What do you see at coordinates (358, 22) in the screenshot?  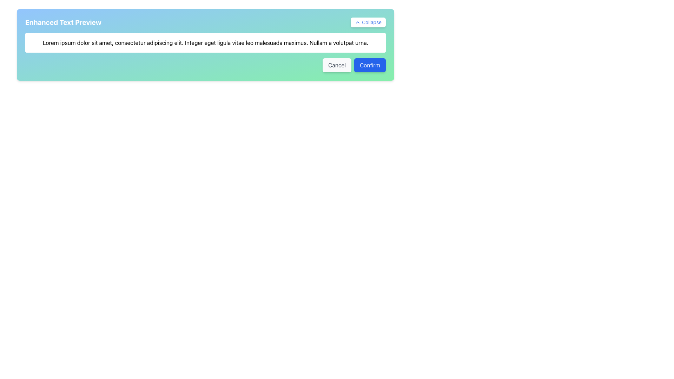 I see `the chevron icon located to the left of the 'Collapse' text in the button on the top-right section of the green-gradient box` at bounding box center [358, 22].